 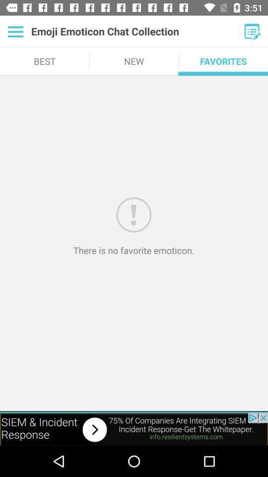 I want to click on new, so click(x=252, y=31).